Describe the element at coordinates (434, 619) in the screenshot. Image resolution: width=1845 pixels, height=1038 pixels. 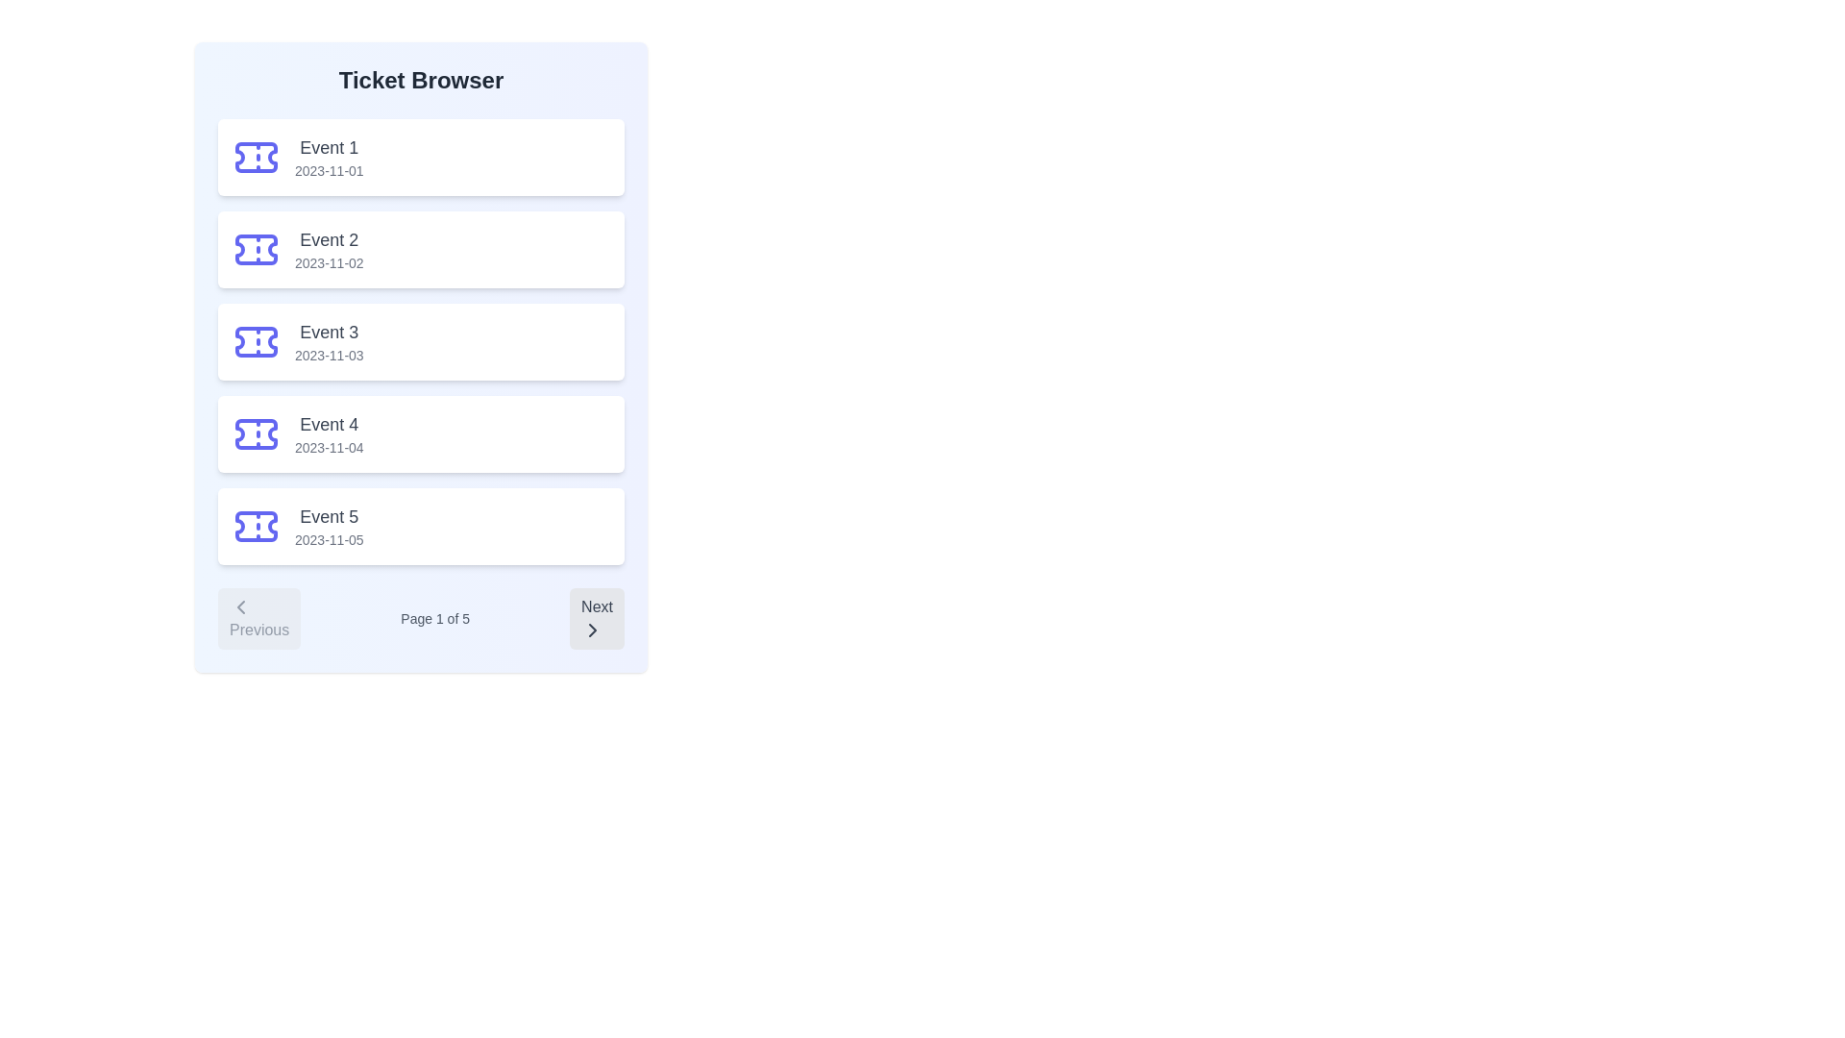
I see `the static text element indicating the current page number, located between the 'Previous' and 'Next' buttons at the bottom center of the interface` at that location.